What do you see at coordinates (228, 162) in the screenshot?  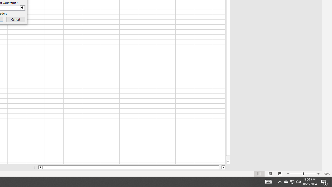 I see `'Line down'` at bounding box center [228, 162].